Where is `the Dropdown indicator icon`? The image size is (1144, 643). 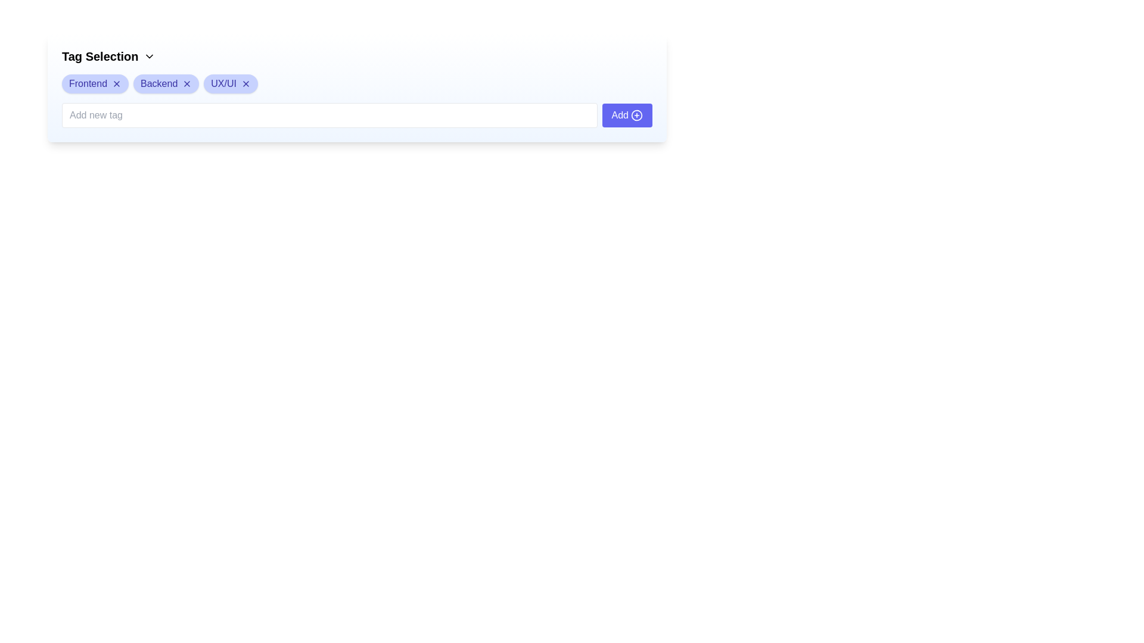
the Dropdown indicator icon is located at coordinates (148, 57).